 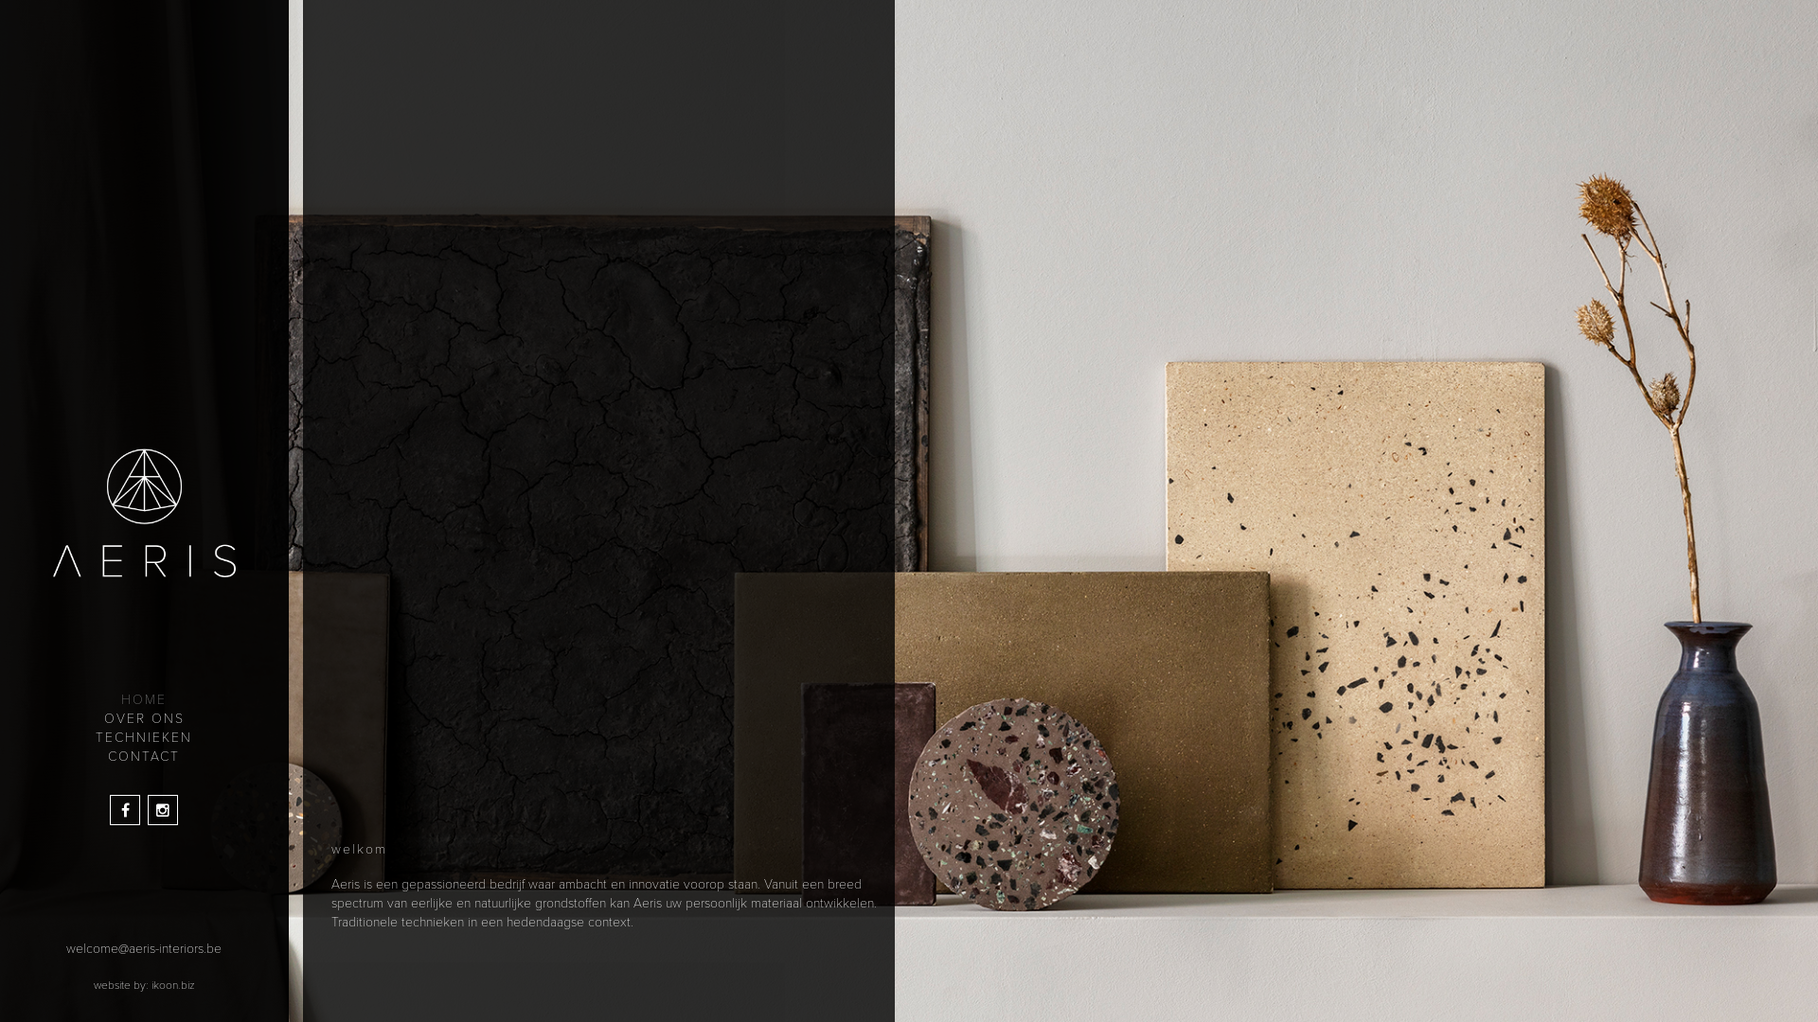 I want to click on 'Instagram', so click(x=163, y=809).